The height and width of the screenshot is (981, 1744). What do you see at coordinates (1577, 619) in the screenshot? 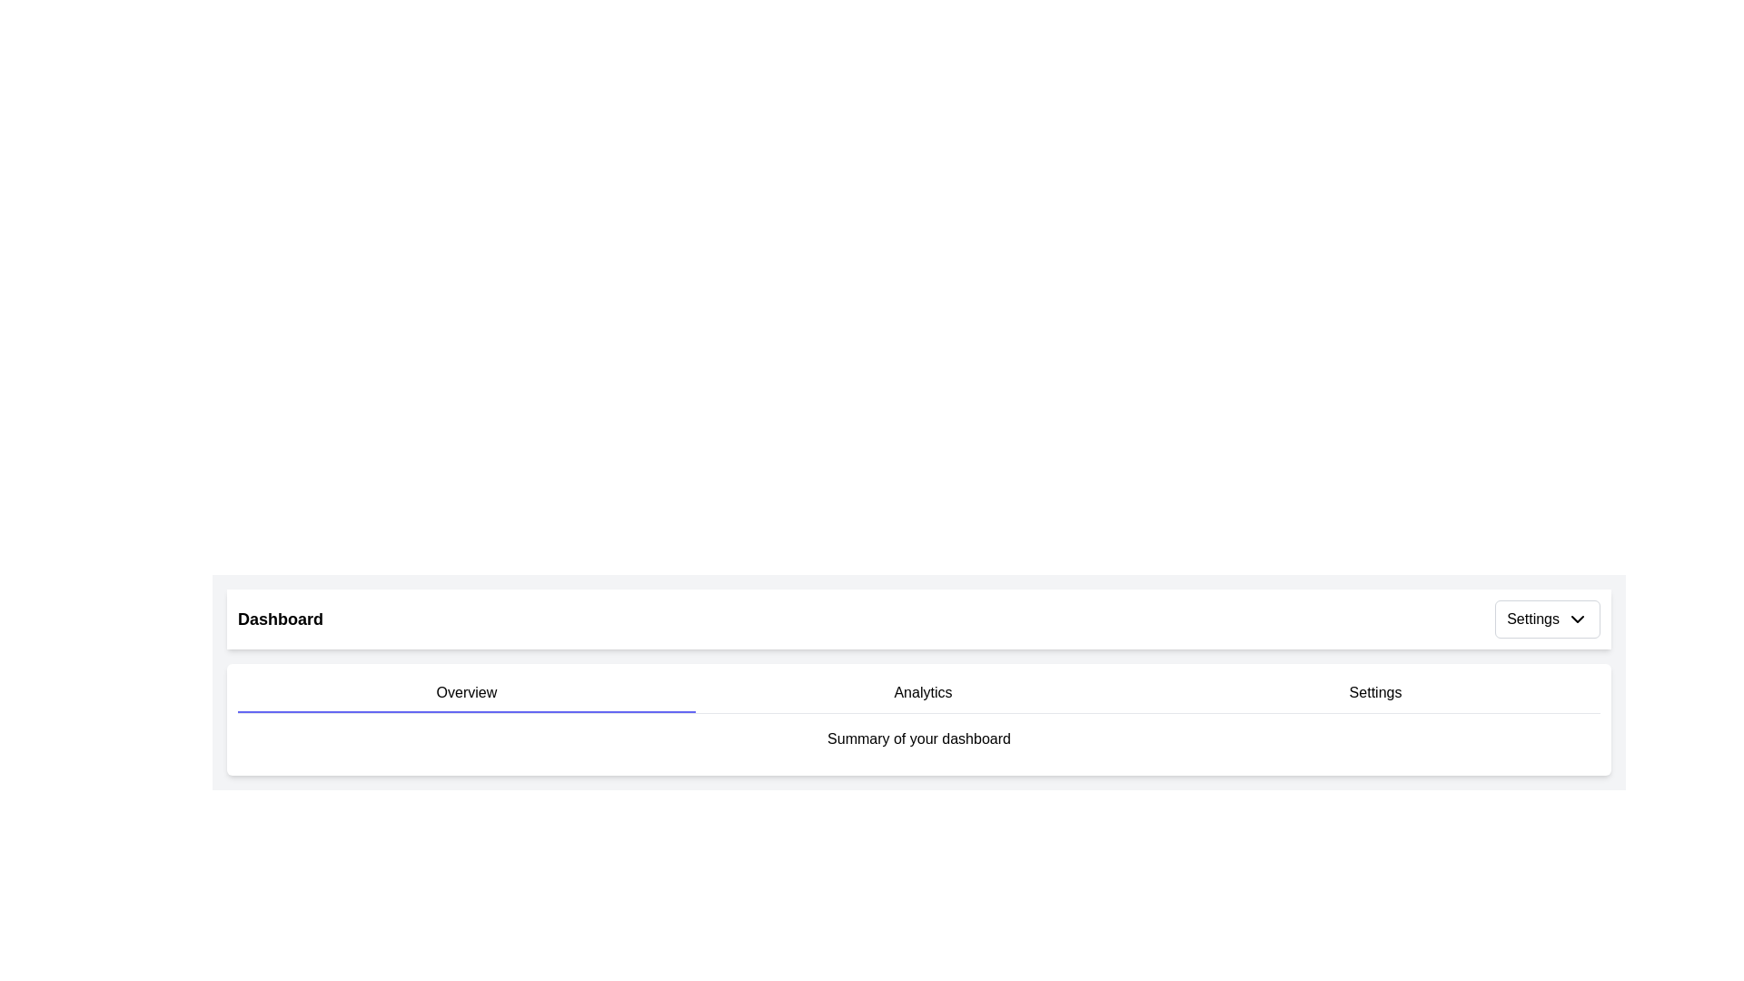
I see `the downward chevron icon next` at bounding box center [1577, 619].